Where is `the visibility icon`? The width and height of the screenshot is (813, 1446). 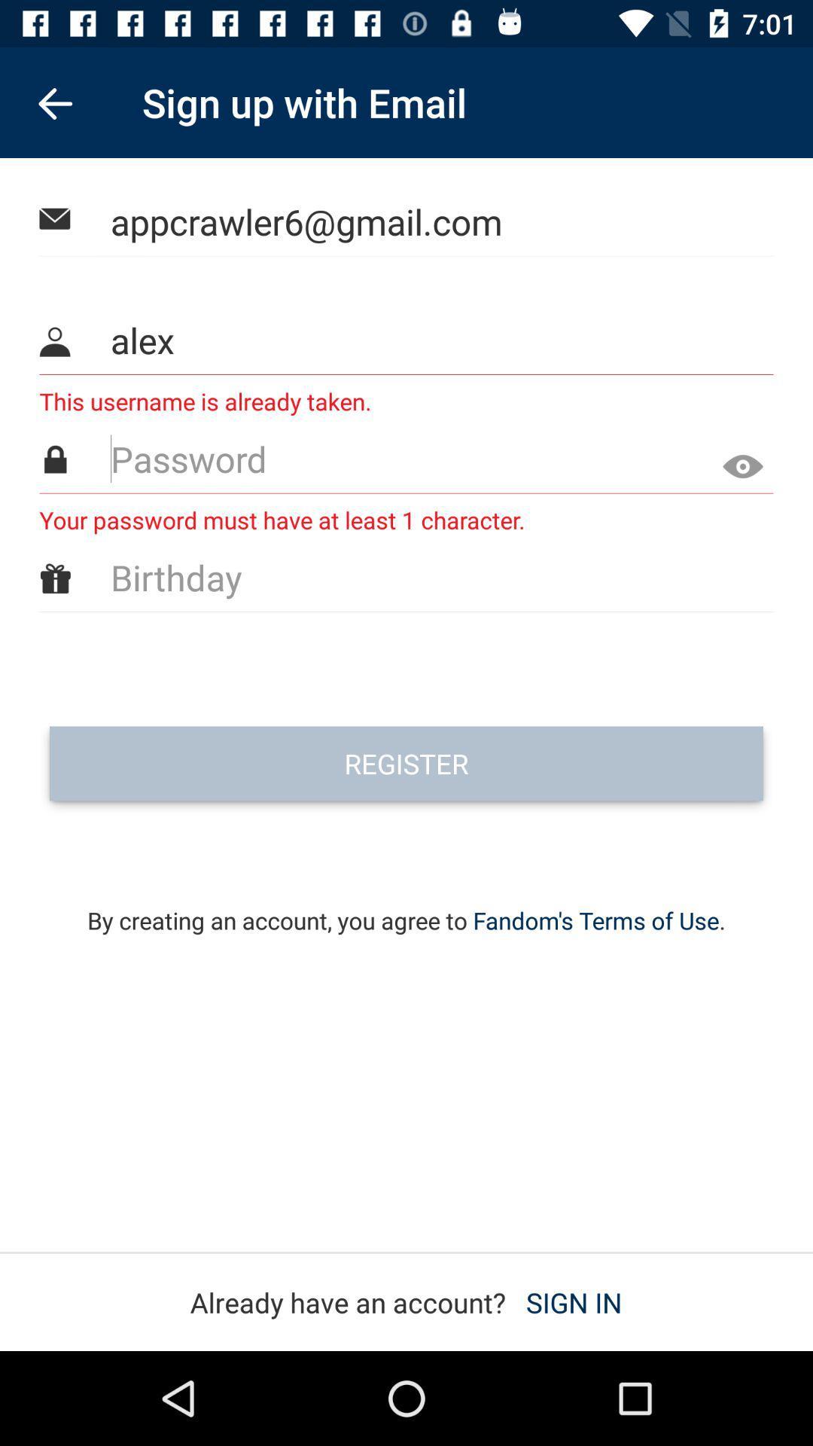
the visibility icon is located at coordinates (737, 461).